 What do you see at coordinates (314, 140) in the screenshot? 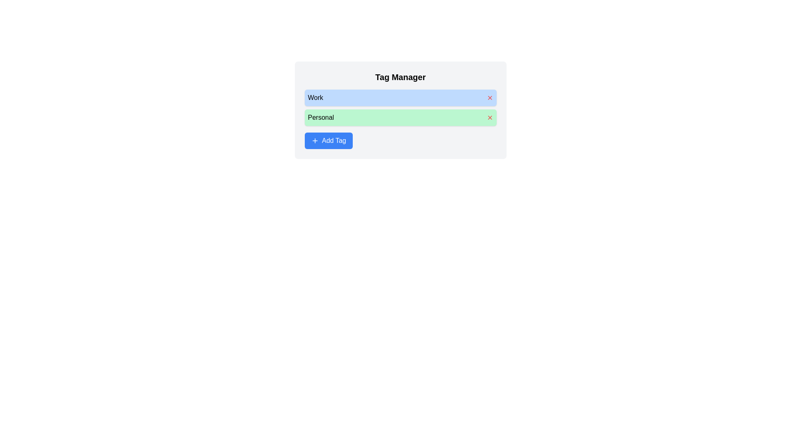
I see `the icon that visually indicates the action to add a new tag, which is located at the center-left of the 'Add Tag' button below the 'Work' and 'Personal' tags` at bounding box center [314, 140].